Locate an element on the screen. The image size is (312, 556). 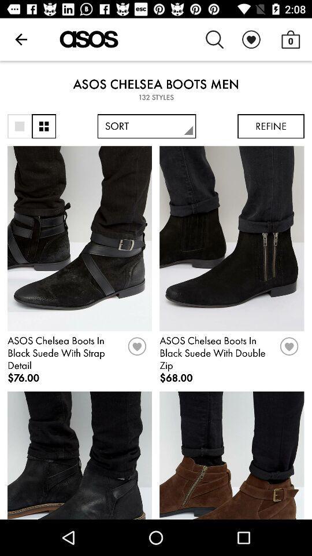
this item is located at coordinates (288, 350).